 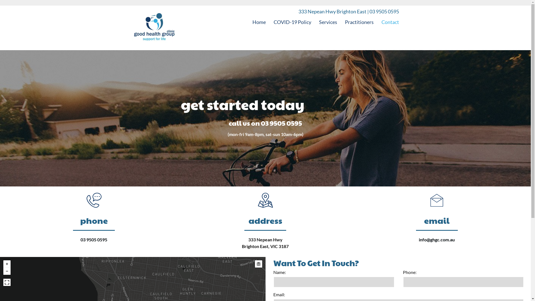 What do you see at coordinates (7, 264) in the screenshot?
I see `'+'` at bounding box center [7, 264].